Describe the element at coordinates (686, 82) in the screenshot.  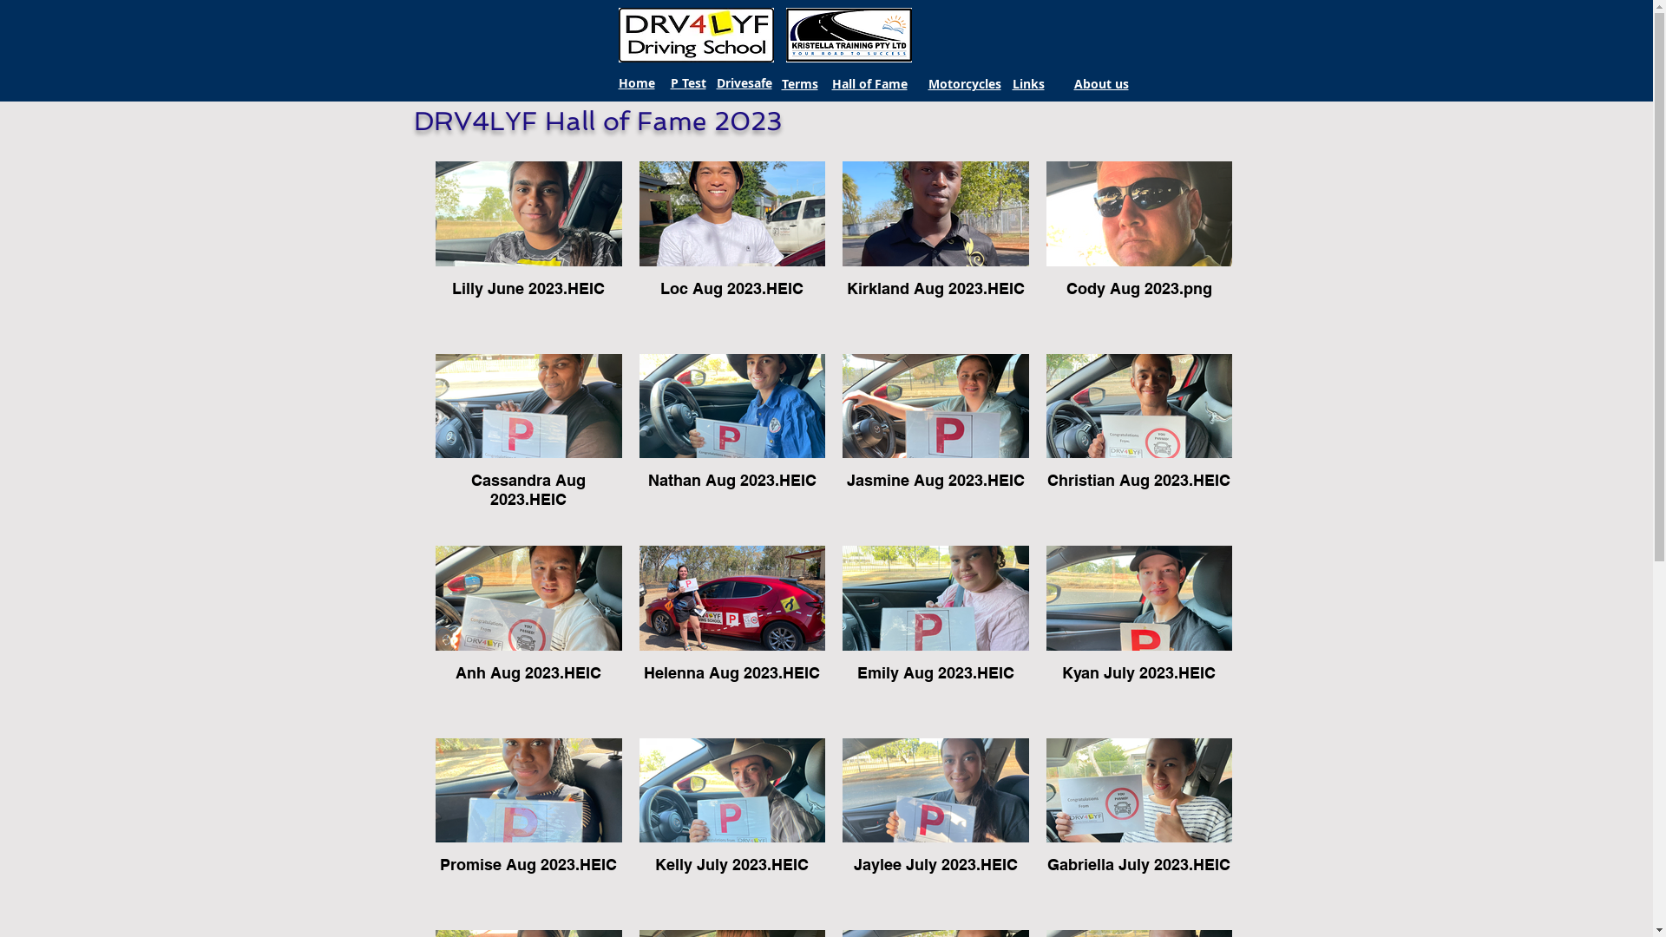
I see `'P Test'` at that location.